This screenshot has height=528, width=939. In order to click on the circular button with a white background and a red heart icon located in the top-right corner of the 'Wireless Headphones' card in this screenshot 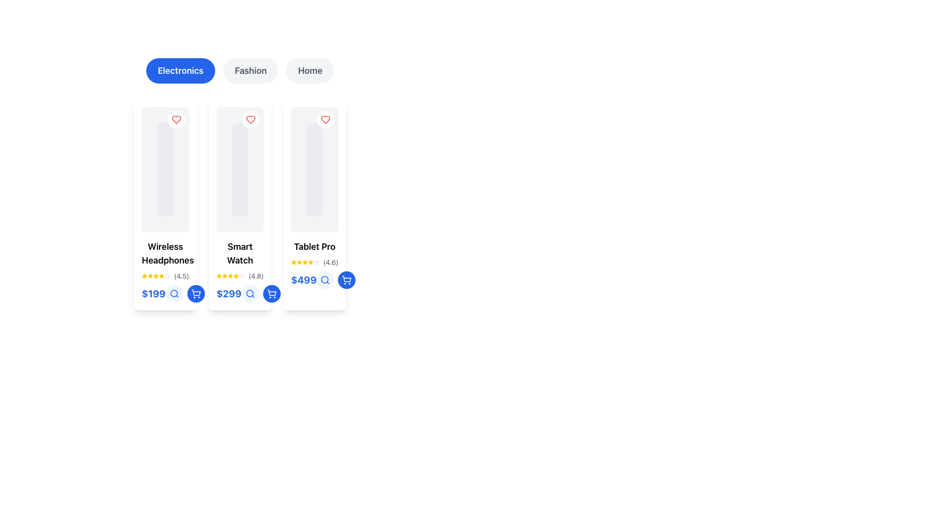, I will do `click(176, 119)`.